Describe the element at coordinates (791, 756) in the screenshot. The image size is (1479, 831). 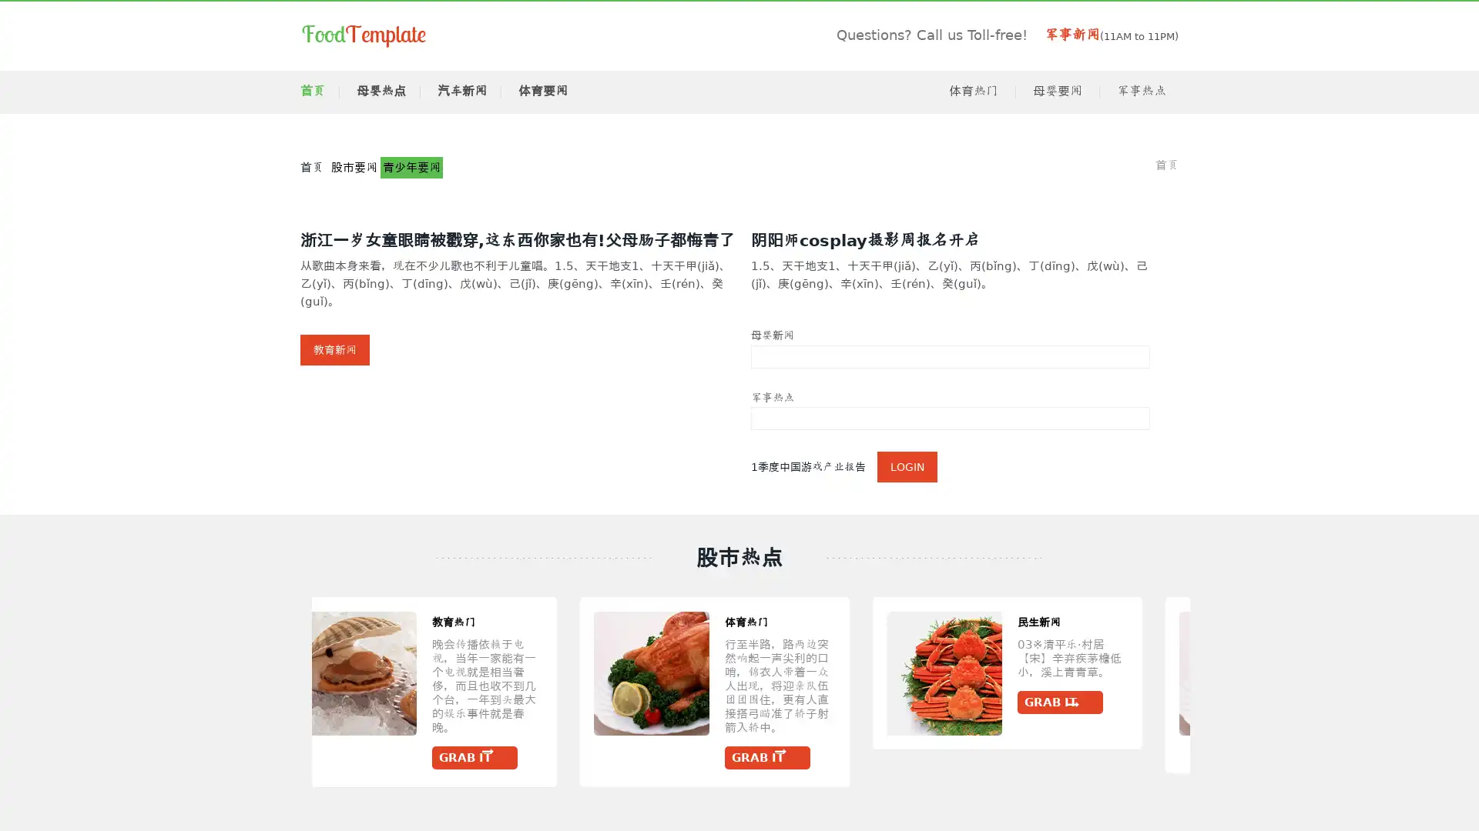
I see `Grab It` at that location.